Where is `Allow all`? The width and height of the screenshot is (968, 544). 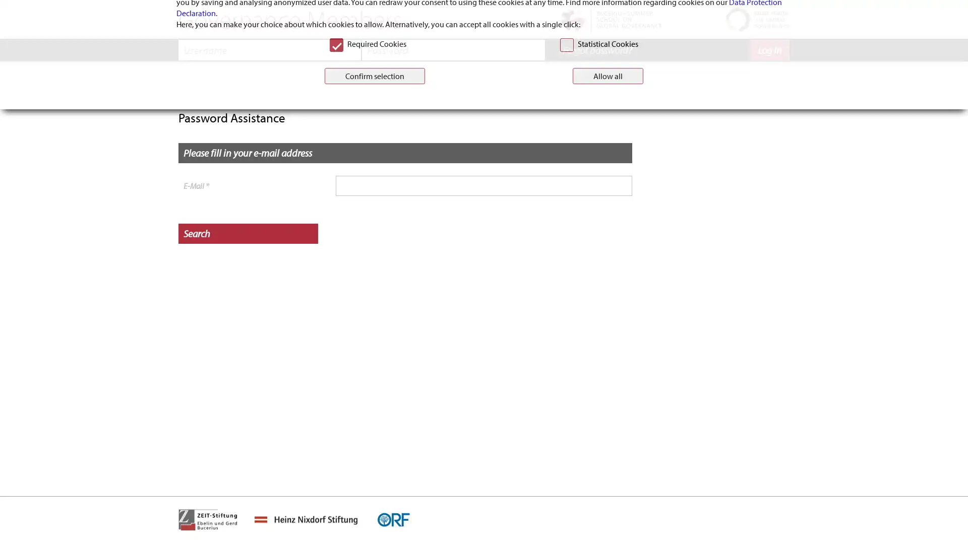 Allow all is located at coordinates (607, 320).